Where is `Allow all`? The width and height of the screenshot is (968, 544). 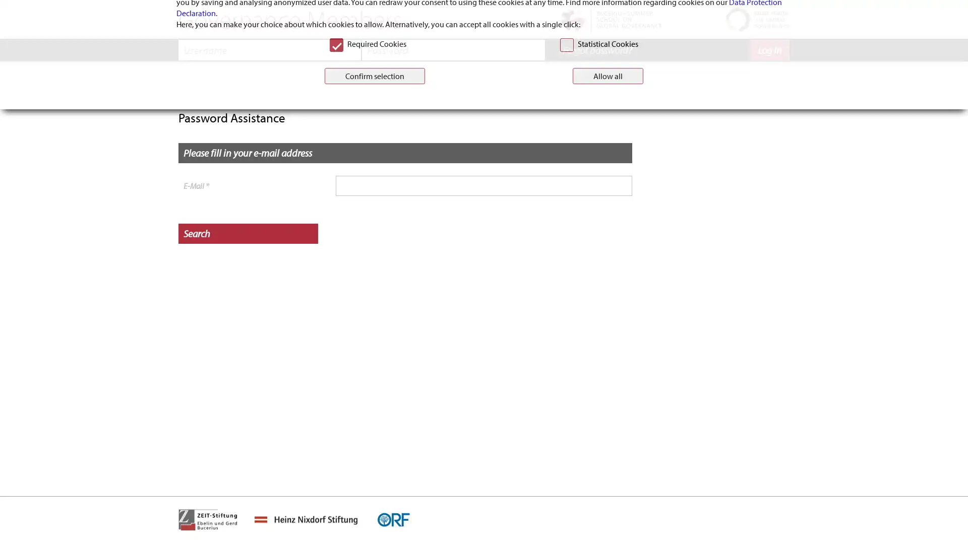 Allow all is located at coordinates (607, 320).